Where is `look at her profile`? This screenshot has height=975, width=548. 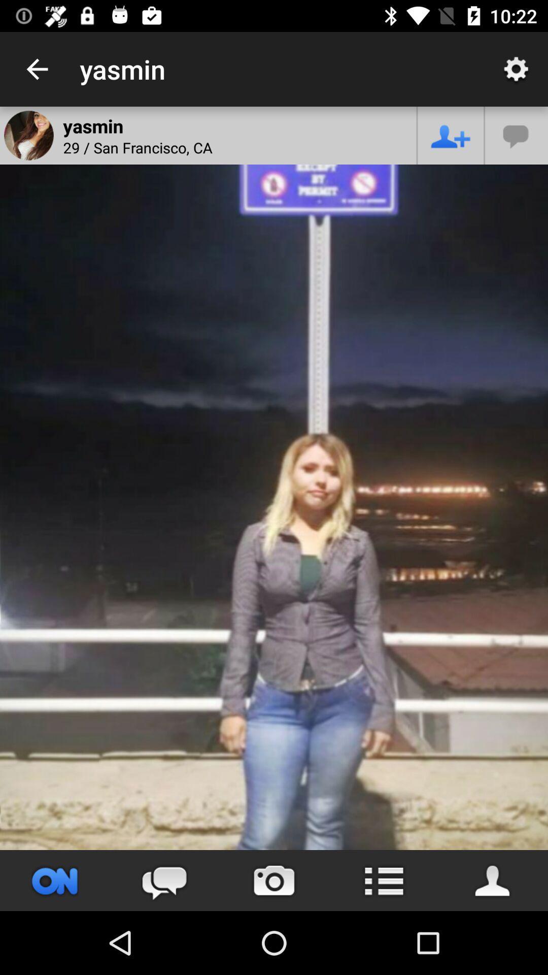 look at her profile is located at coordinates (493, 880).